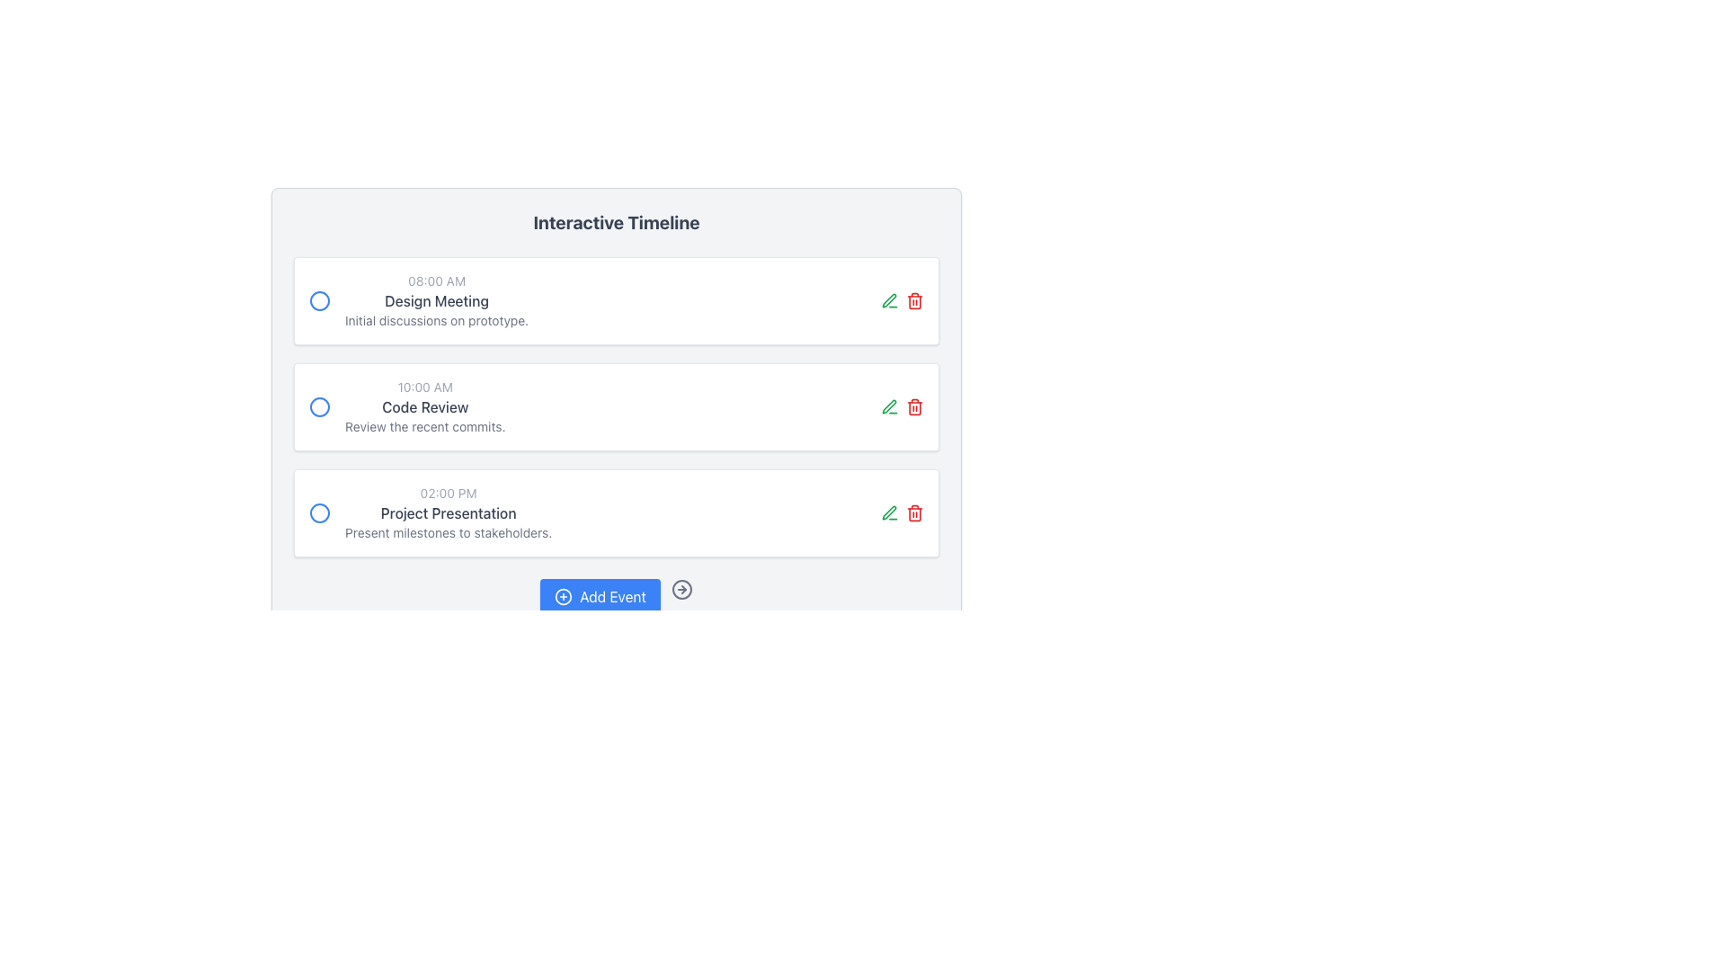 The height and width of the screenshot is (971, 1726). Describe the element at coordinates (418, 300) in the screenshot. I see `the first event entry in the interactive timeline` at that location.